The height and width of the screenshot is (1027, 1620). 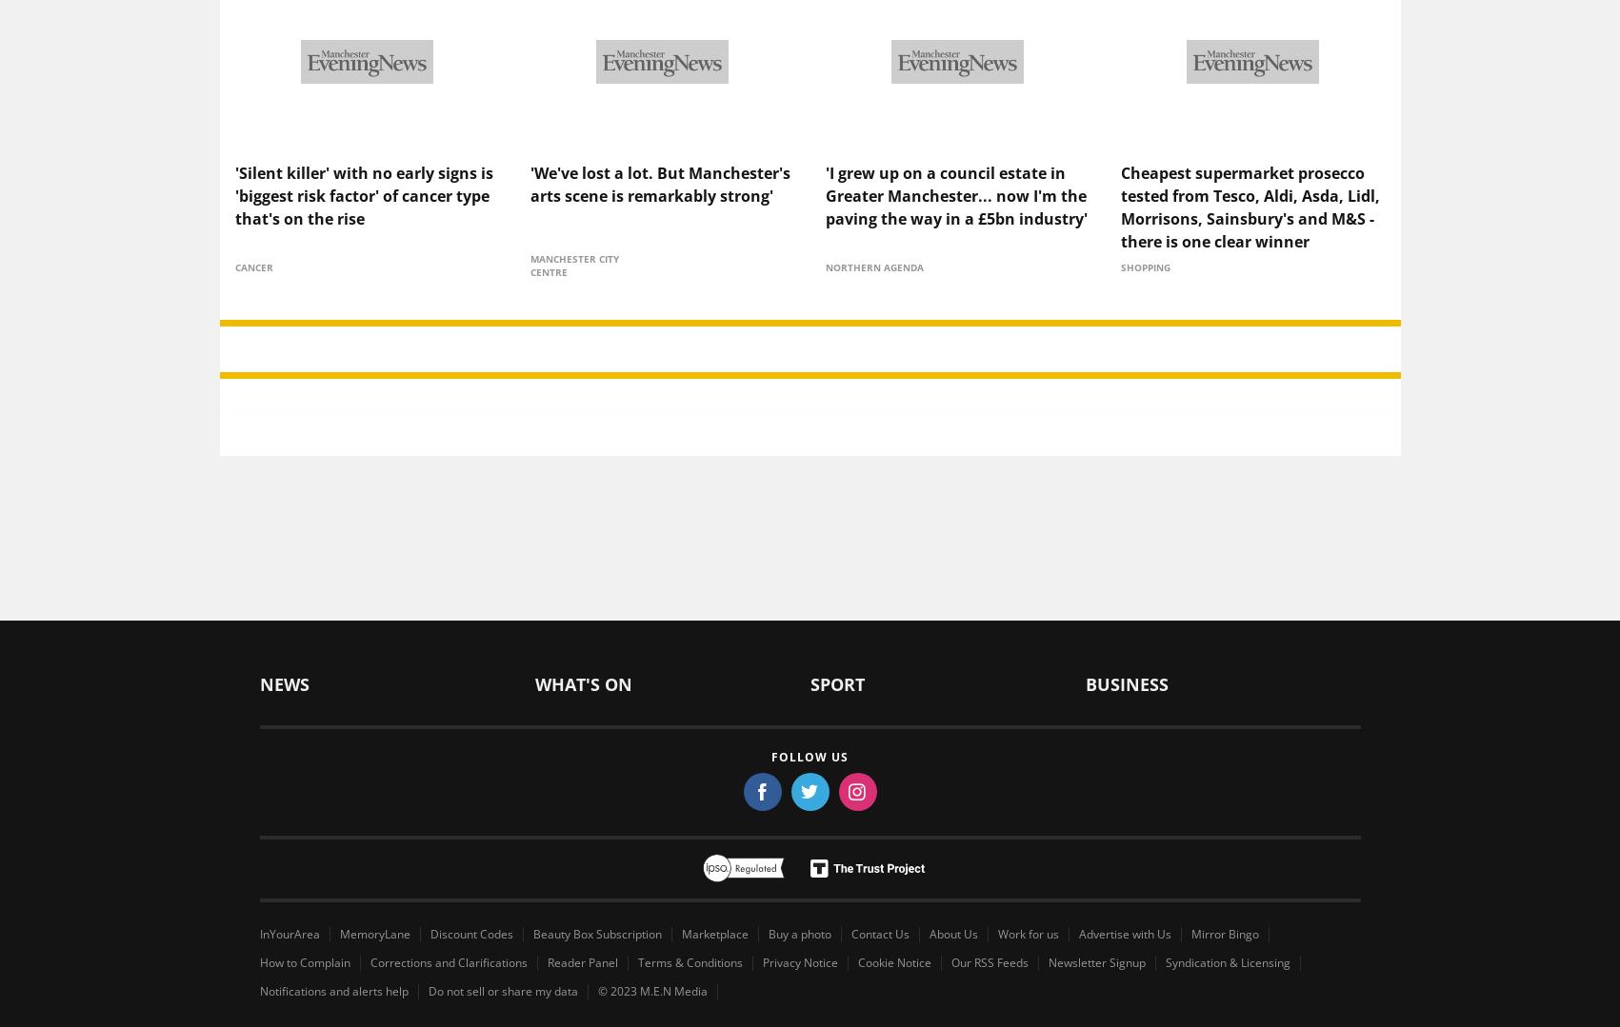 I want to click on ''Silent killer' with no early signs is 'biggest risk factor' of cancer type that's on the rise', so click(x=362, y=163).